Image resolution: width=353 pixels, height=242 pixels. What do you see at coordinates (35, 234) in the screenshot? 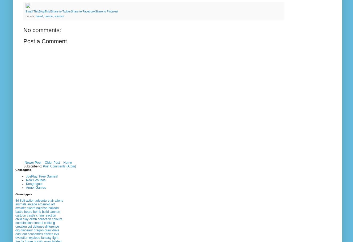
I see `'economics'` at bounding box center [35, 234].